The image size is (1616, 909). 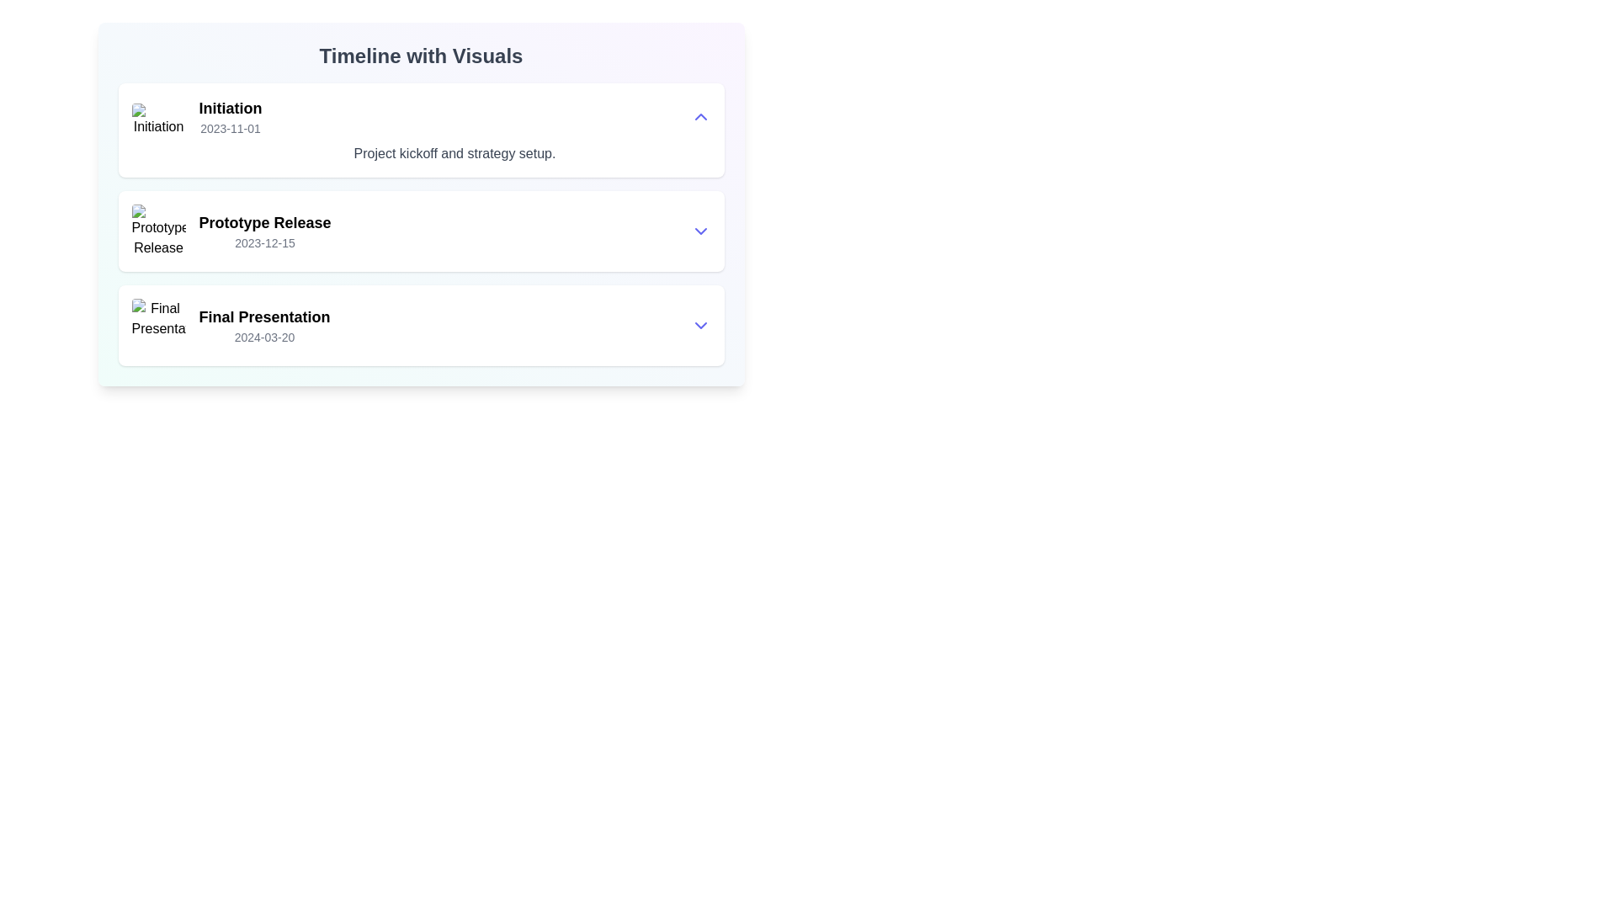 What do you see at coordinates (263, 317) in the screenshot?
I see `the bold, large-font text element that reads 'Final Presentation', which is the title text within the last event entry in a vertical timeline layout` at bounding box center [263, 317].